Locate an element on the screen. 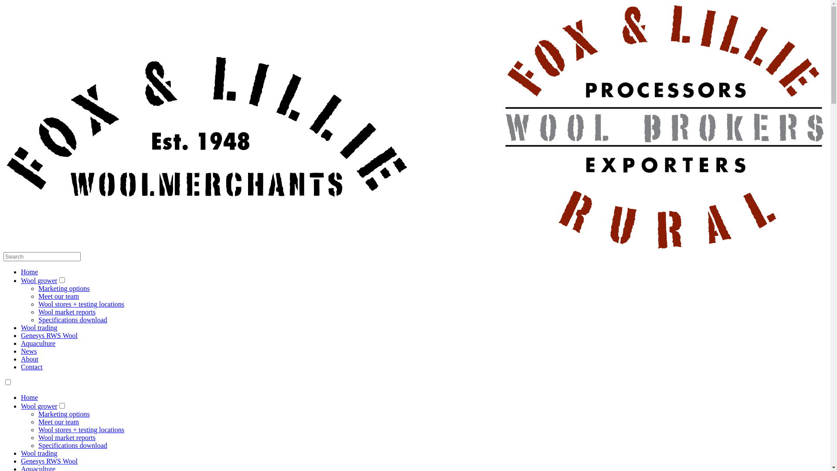 The width and height of the screenshot is (837, 471). 'Marketing options' is located at coordinates (64, 413).